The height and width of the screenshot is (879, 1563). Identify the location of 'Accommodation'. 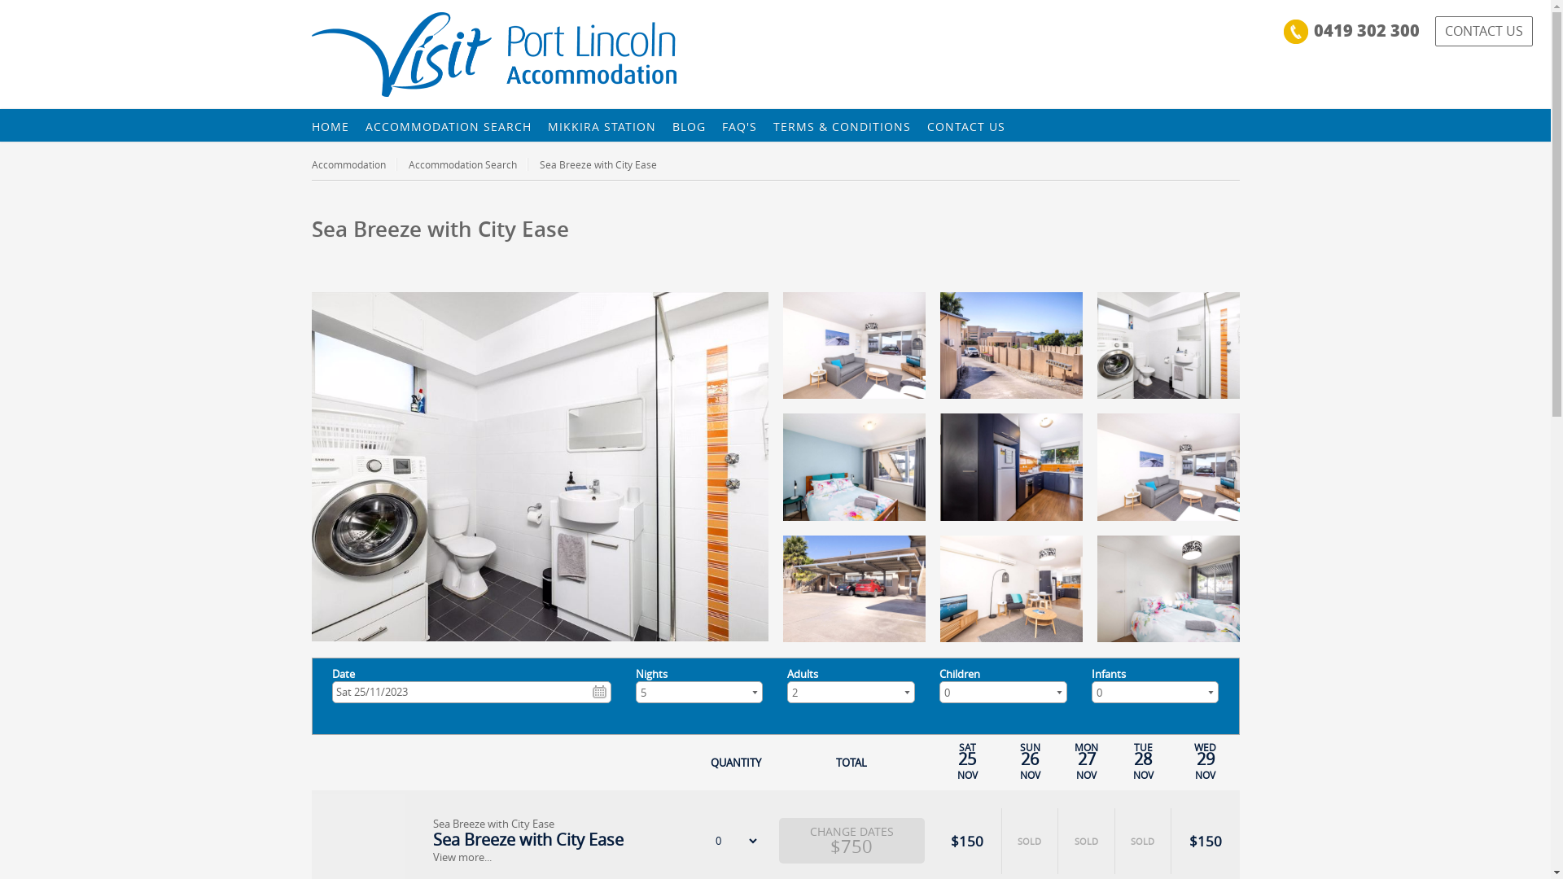
(311, 164).